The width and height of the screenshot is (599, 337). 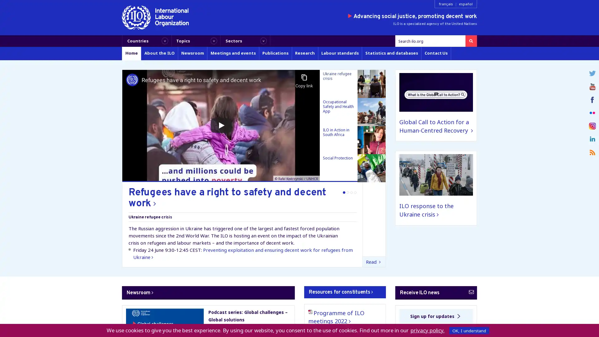 I want to click on Search, so click(x=471, y=41).